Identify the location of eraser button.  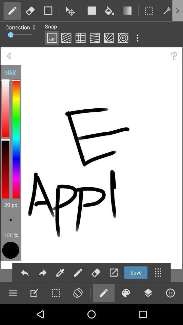
(30, 10).